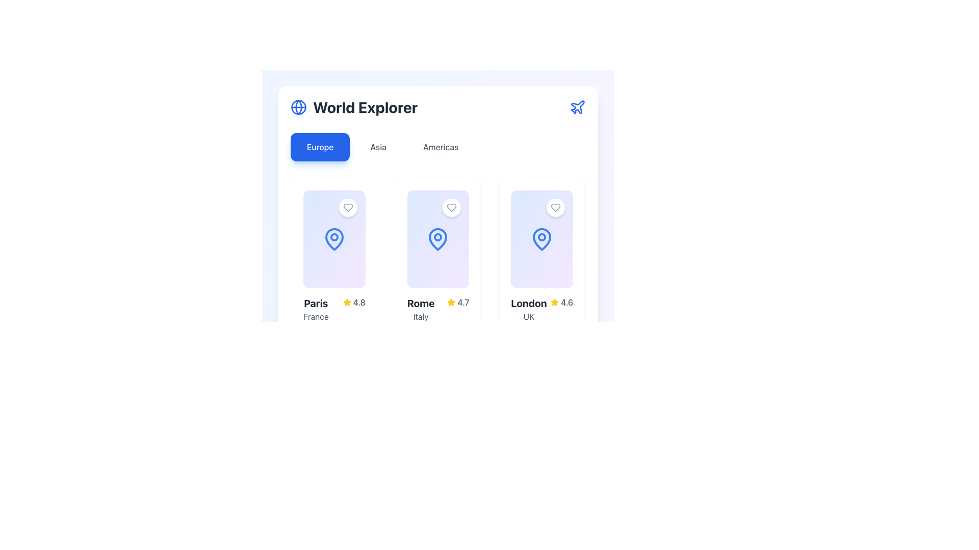  Describe the element at coordinates (438, 147) in the screenshot. I see `the button group located in the top center of the card beneath the 'World Explorer' heading` at that location.